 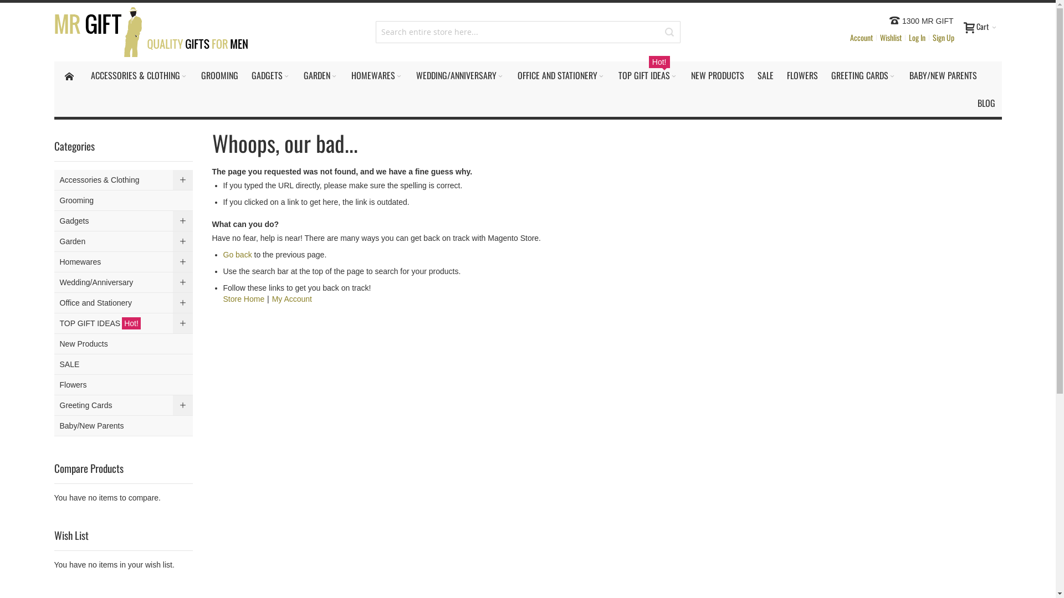 I want to click on 'OFFICE AND STATIONERY', so click(x=510, y=75).